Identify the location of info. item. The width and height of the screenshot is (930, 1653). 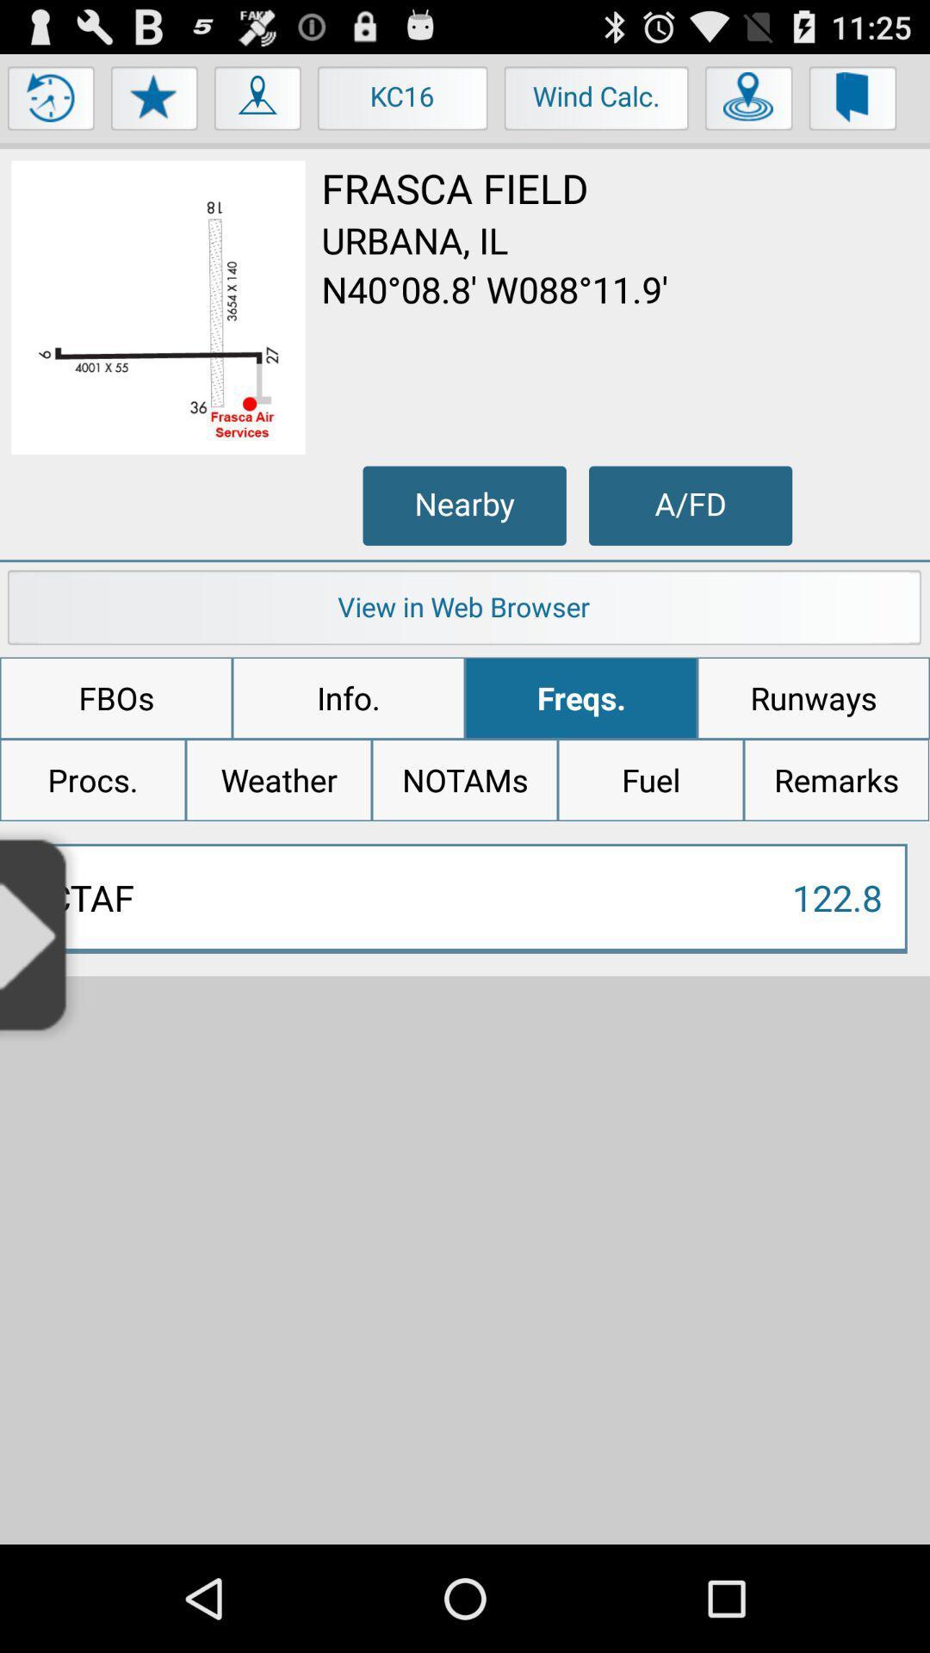
(349, 698).